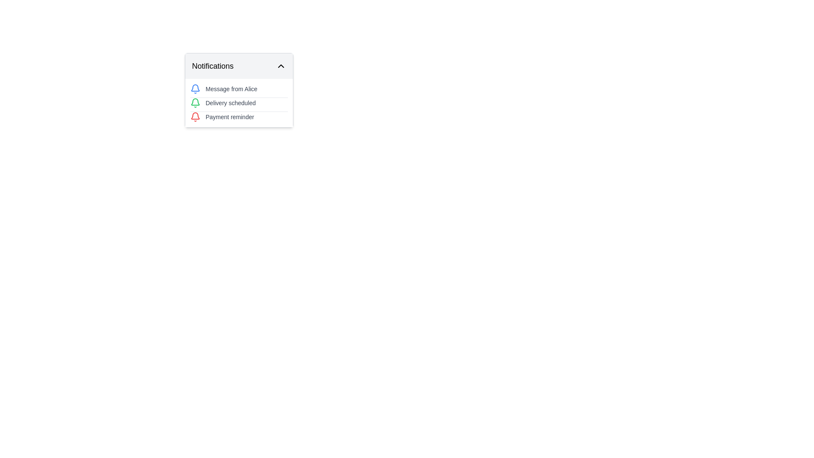  What do you see at coordinates (195, 88) in the screenshot?
I see `the blue and white bell-shaped icon located in the notification dropdown at the top-right corner of the interface` at bounding box center [195, 88].